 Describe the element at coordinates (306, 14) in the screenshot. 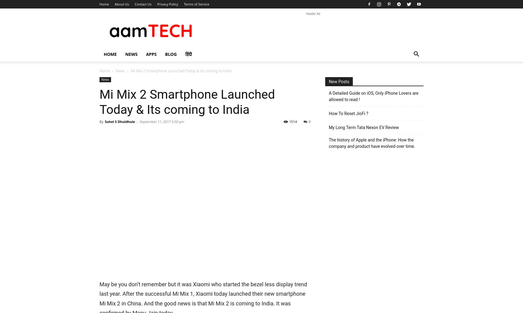

I see `'Header Ad'` at that location.